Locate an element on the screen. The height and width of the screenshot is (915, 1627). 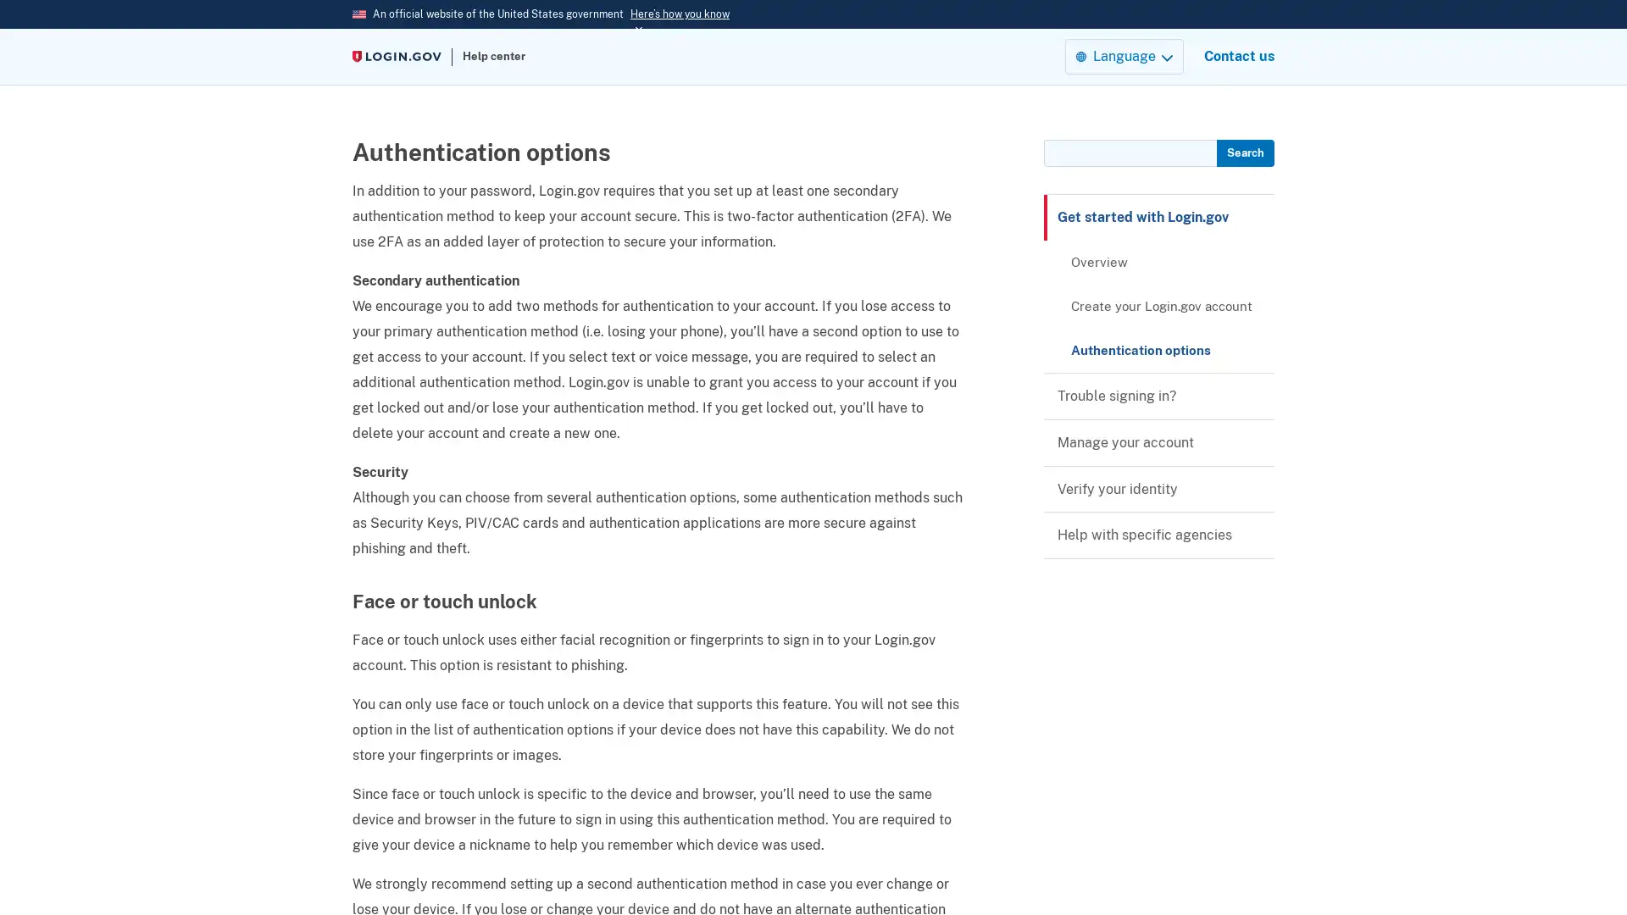
Heres how you know is located at coordinates (680, 14).